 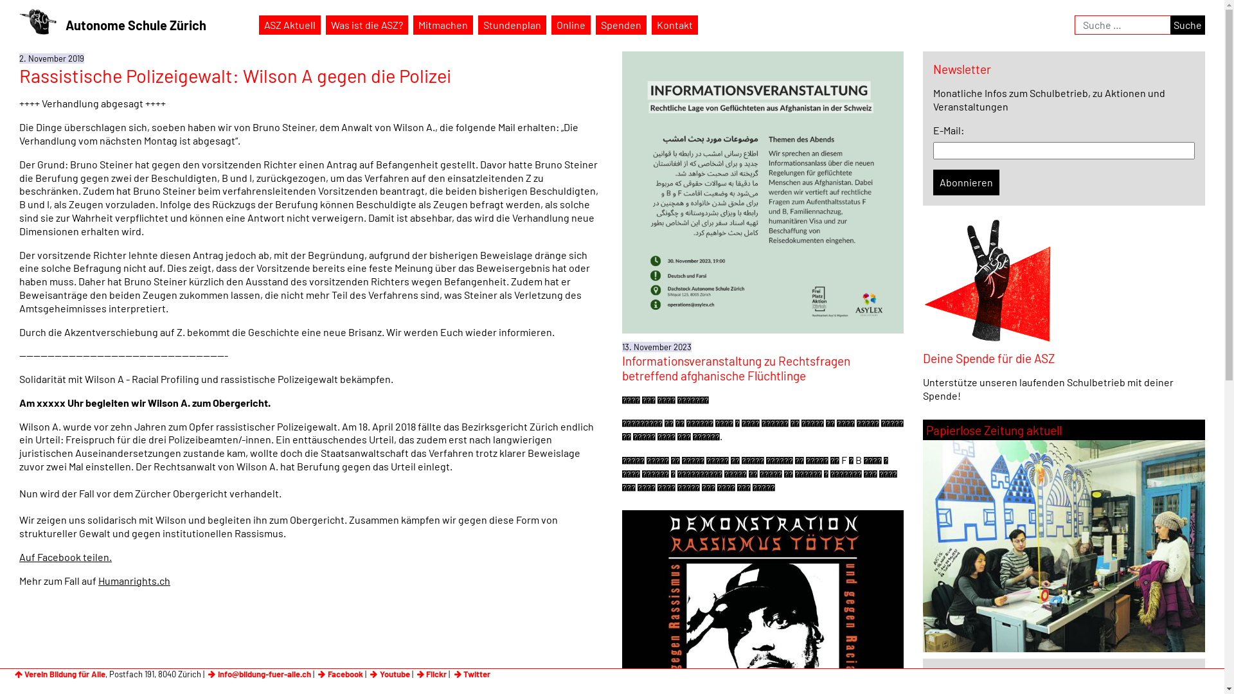 I want to click on 'Kontakt', so click(x=651, y=24).